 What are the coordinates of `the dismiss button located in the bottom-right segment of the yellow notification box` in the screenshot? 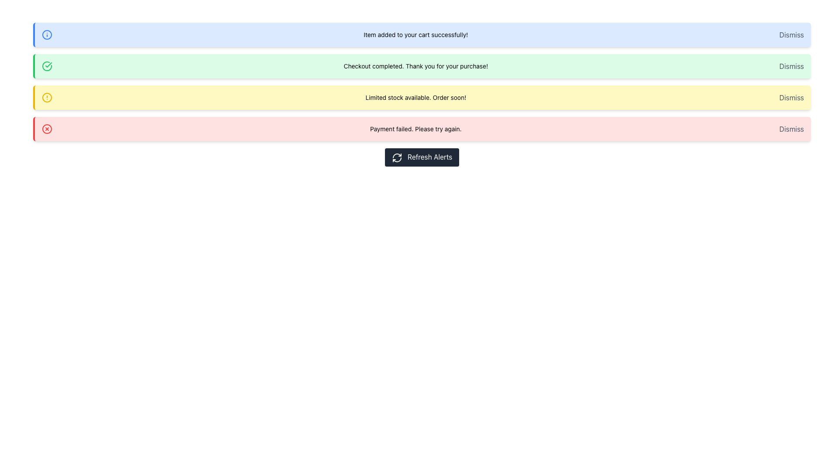 It's located at (791, 97).